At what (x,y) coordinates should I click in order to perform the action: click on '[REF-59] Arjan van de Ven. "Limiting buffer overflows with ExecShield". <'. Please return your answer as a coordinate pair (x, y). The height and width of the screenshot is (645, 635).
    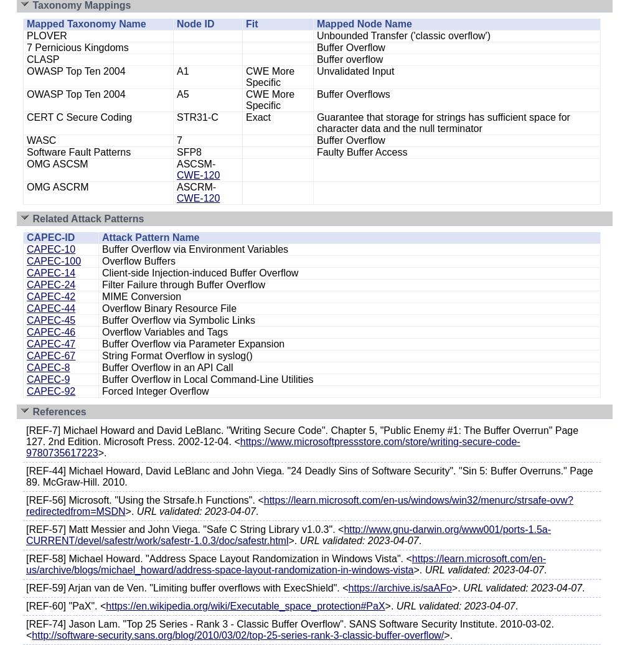
    Looking at the image, I should click on (187, 588).